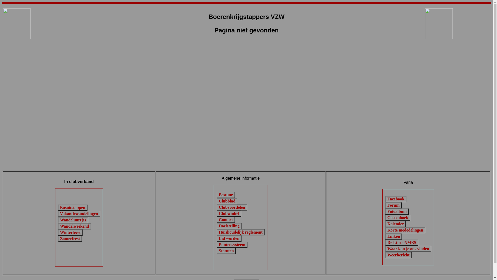 The height and width of the screenshot is (280, 497). Describe the element at coordinates (397, 212) in the screenshot. I see `'Fotoalbum'` at that location.